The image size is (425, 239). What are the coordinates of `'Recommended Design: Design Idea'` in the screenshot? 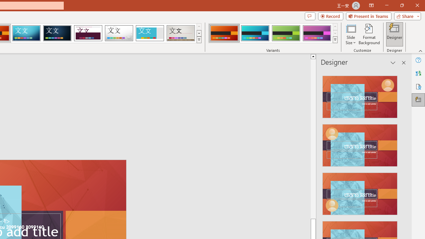 It's located at (360, 95).